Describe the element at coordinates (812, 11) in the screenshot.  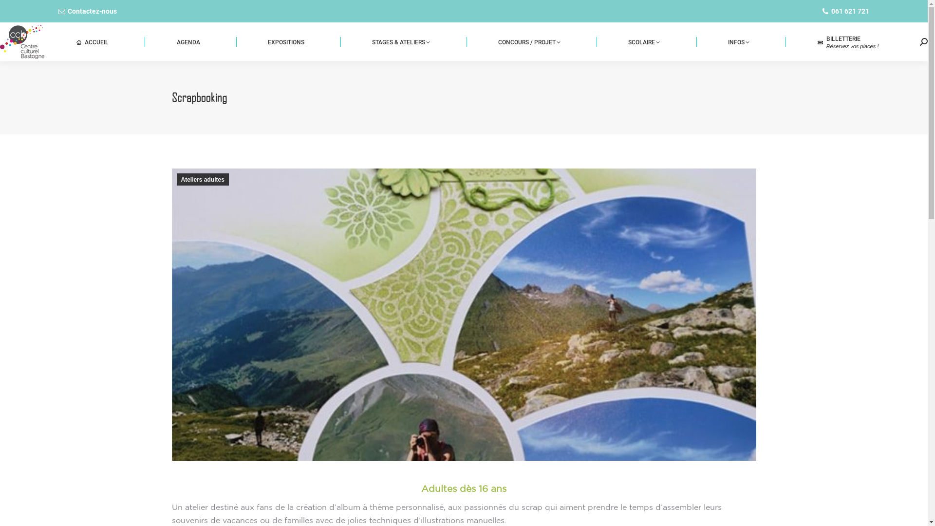
I see `'061 621 721'` at that location.